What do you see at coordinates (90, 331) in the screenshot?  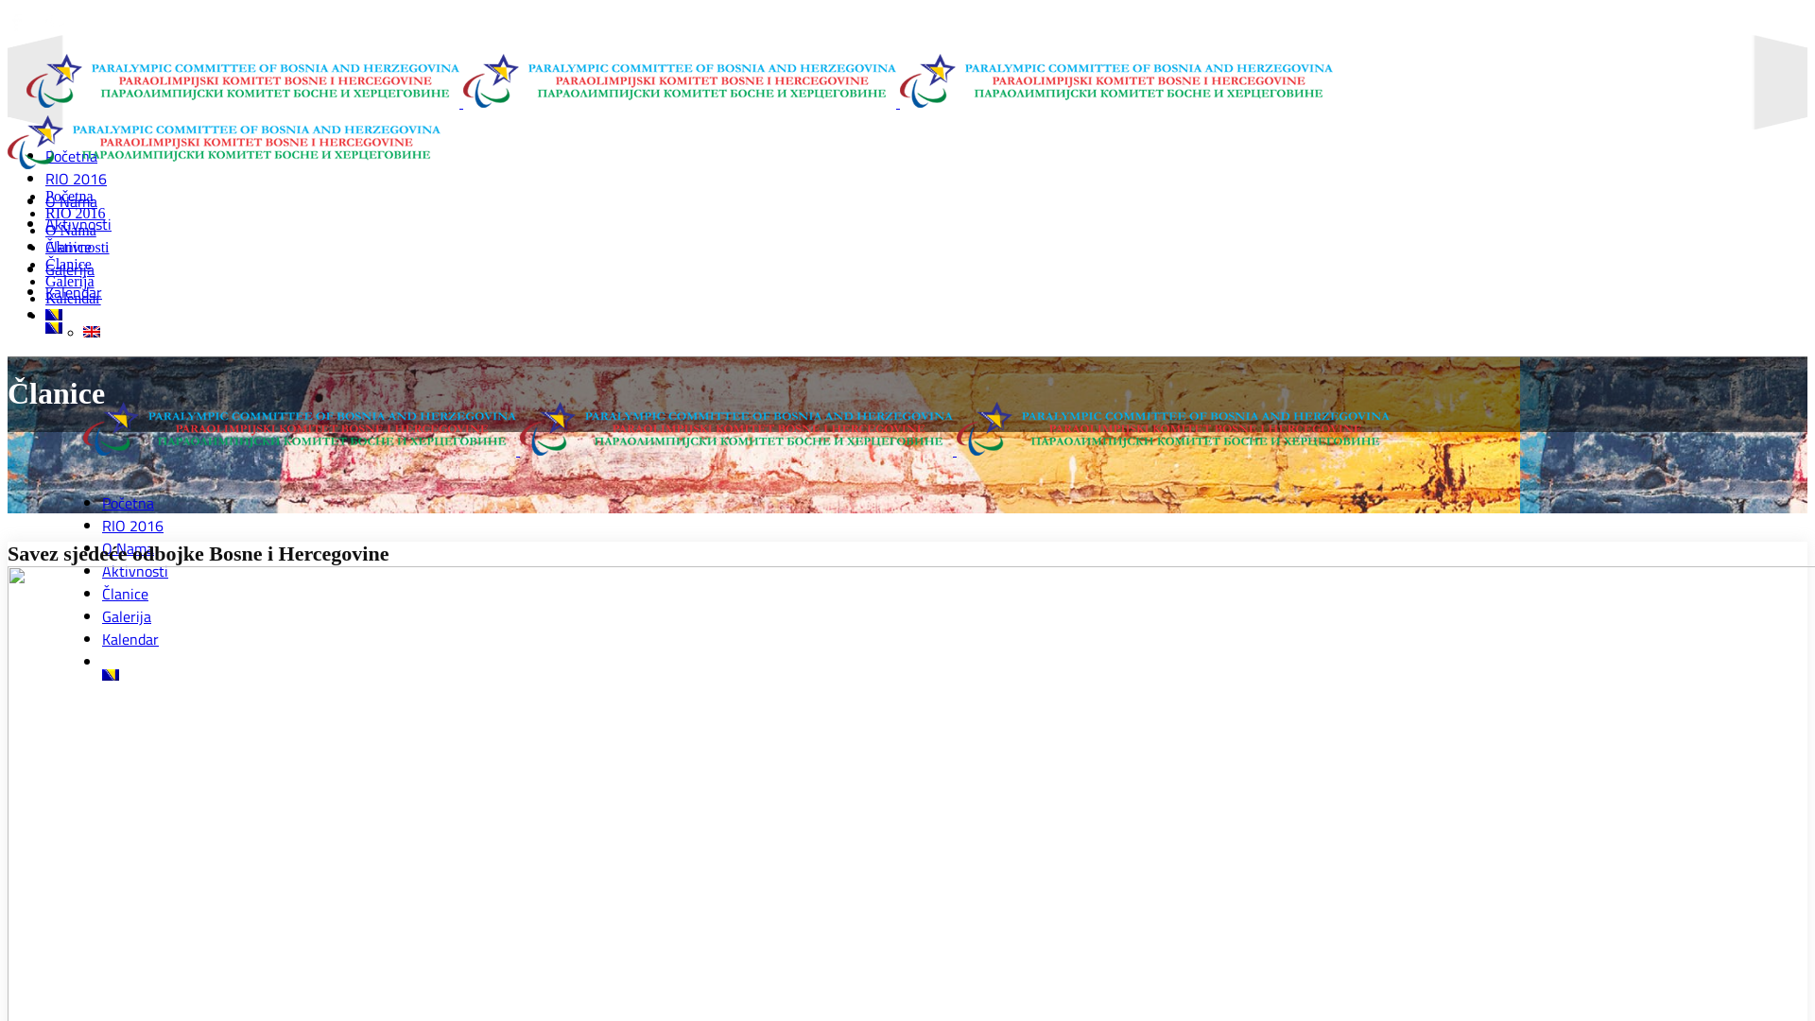 I see `'English'` at bounding box center [90, 331].